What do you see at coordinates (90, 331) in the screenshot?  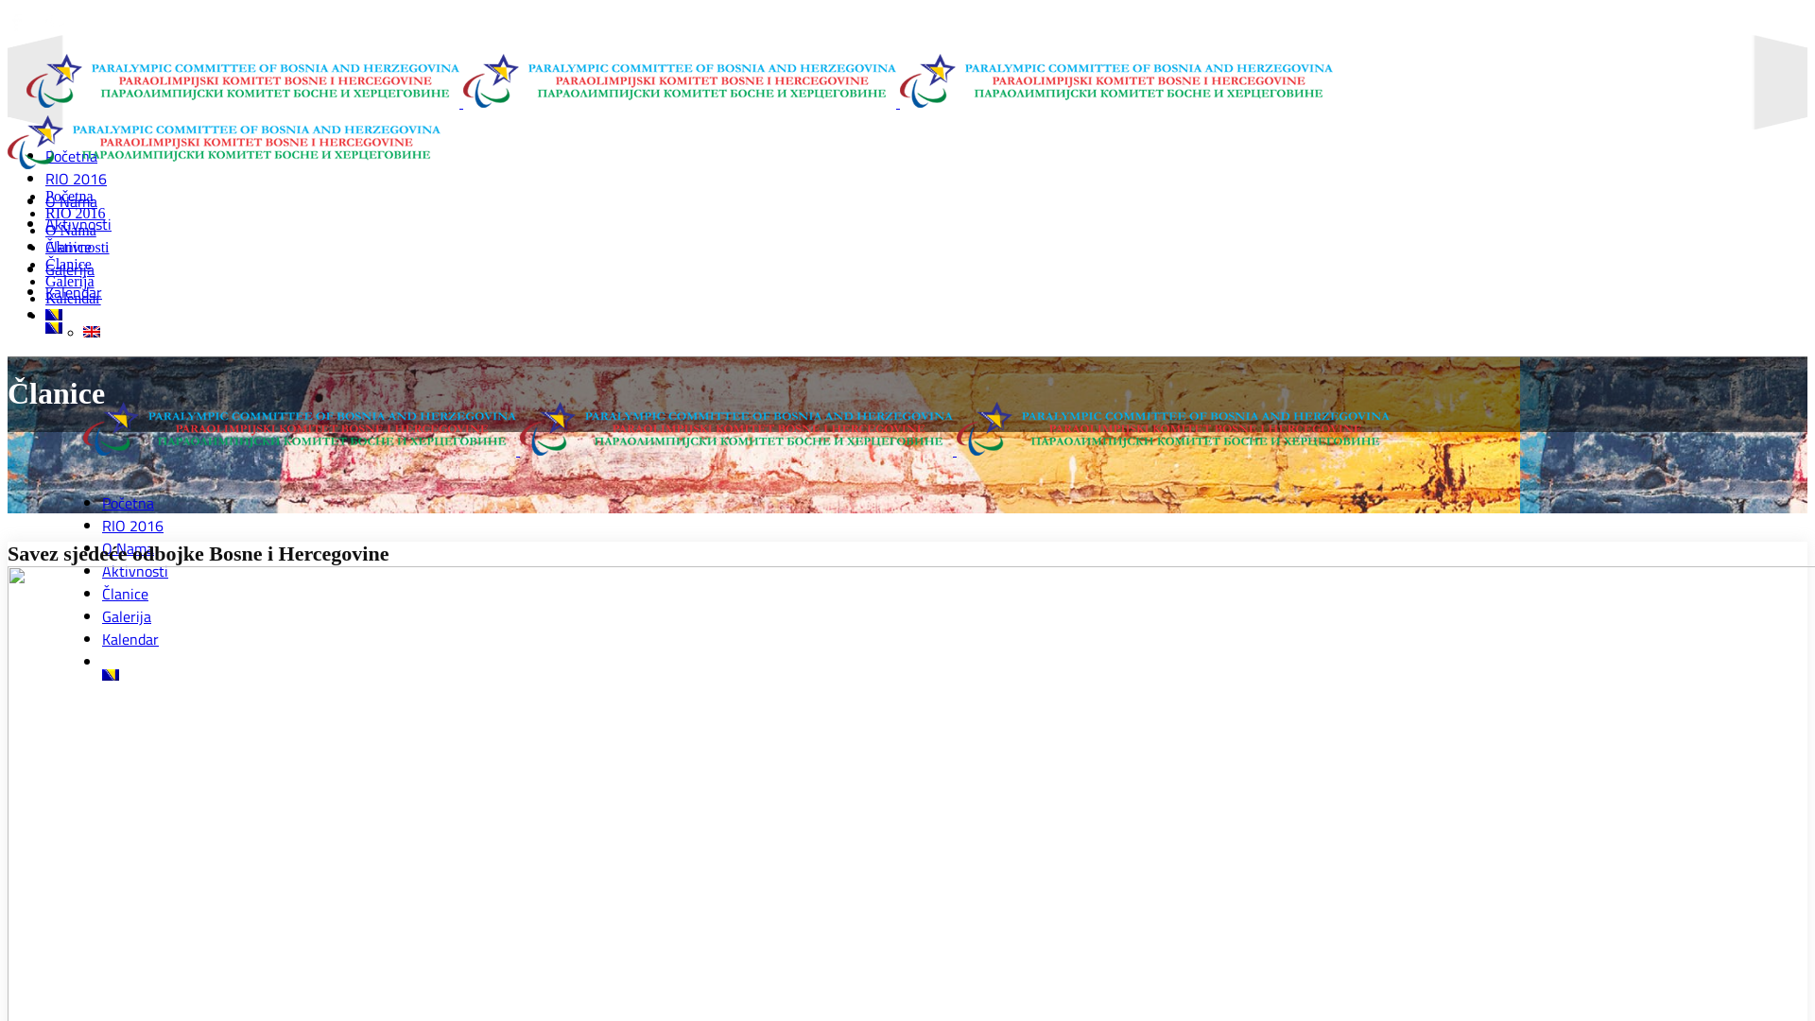 I see `'English'` at bounding box center [90, 331].